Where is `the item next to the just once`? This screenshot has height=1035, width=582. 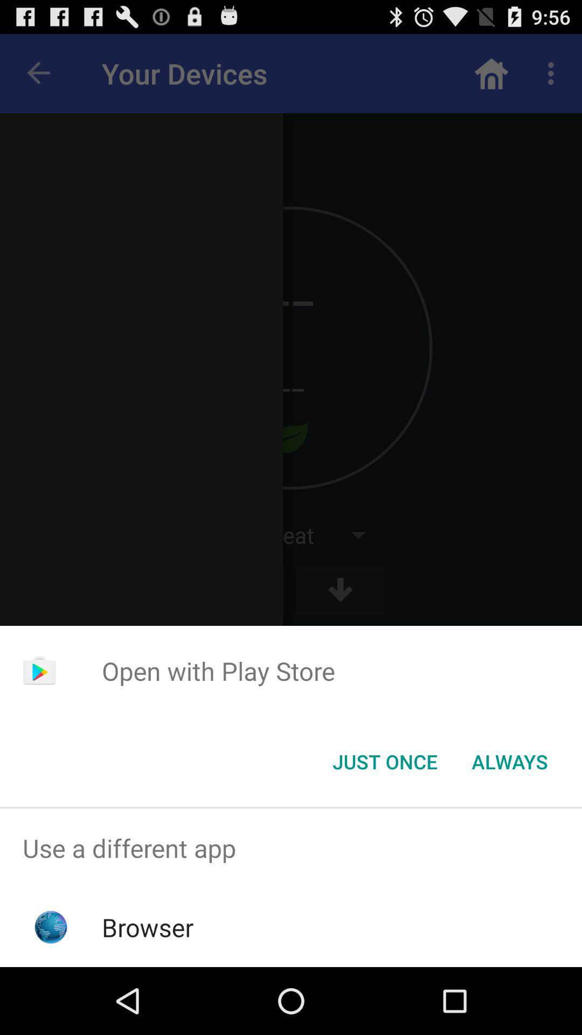
the item next to the just once is located at coordinates (509, 761).